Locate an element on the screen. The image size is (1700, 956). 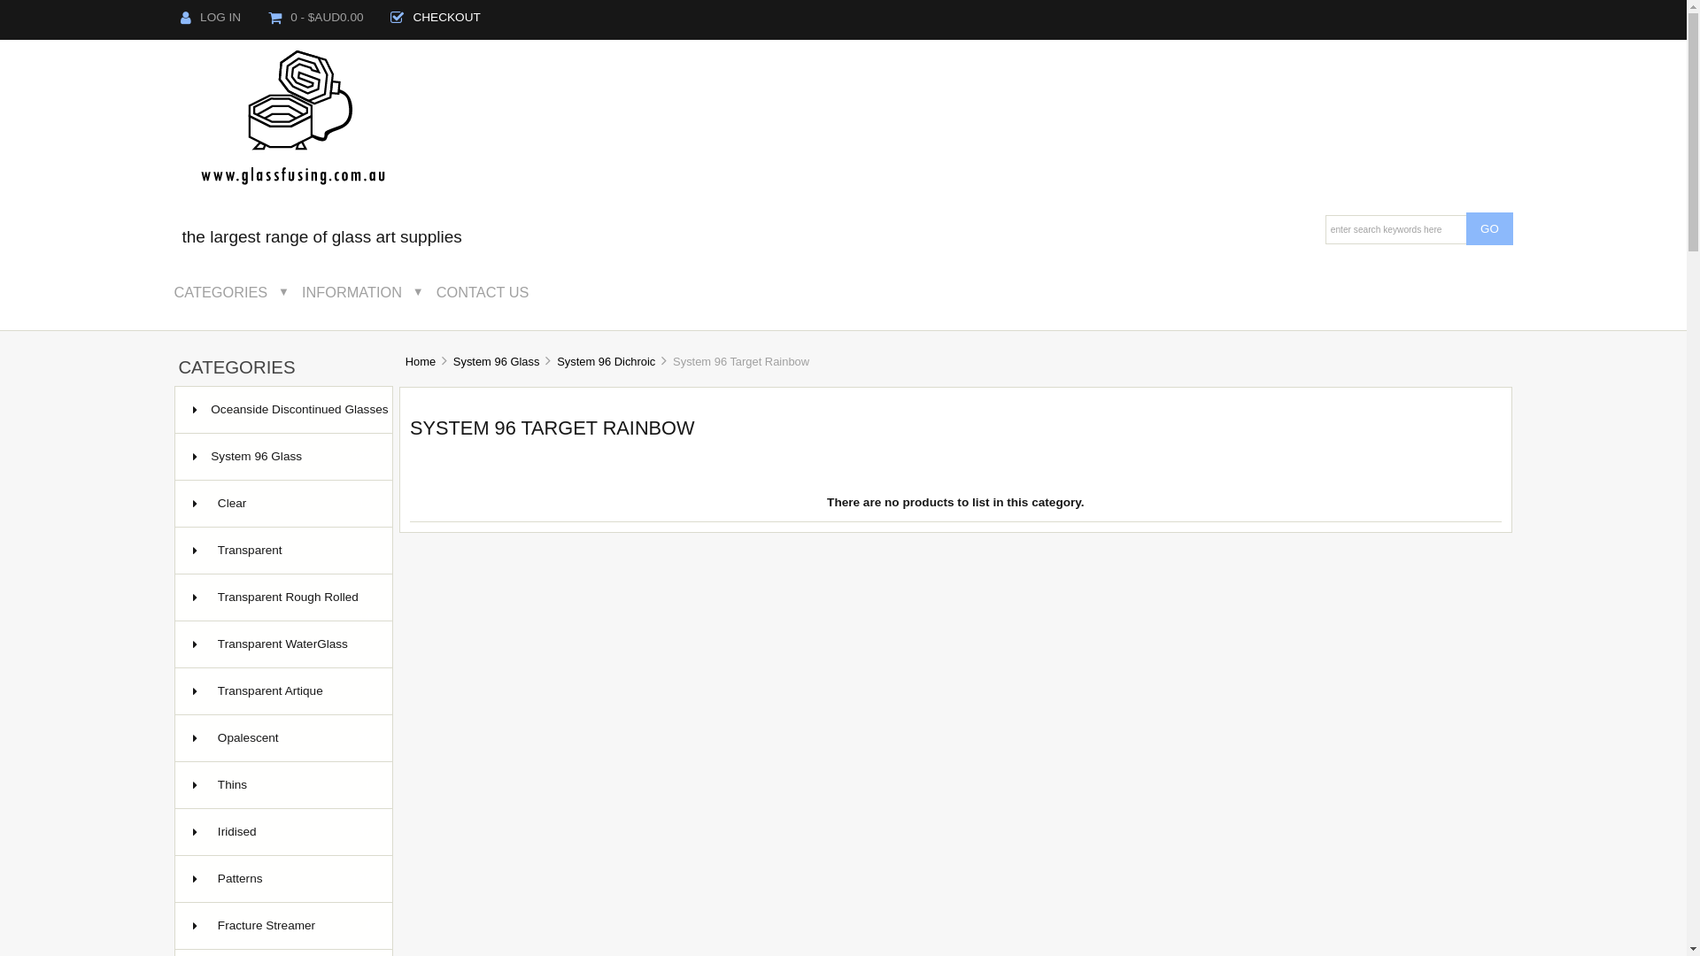
'  Transparent Rough Rolled is located at coordinates (174, 597).